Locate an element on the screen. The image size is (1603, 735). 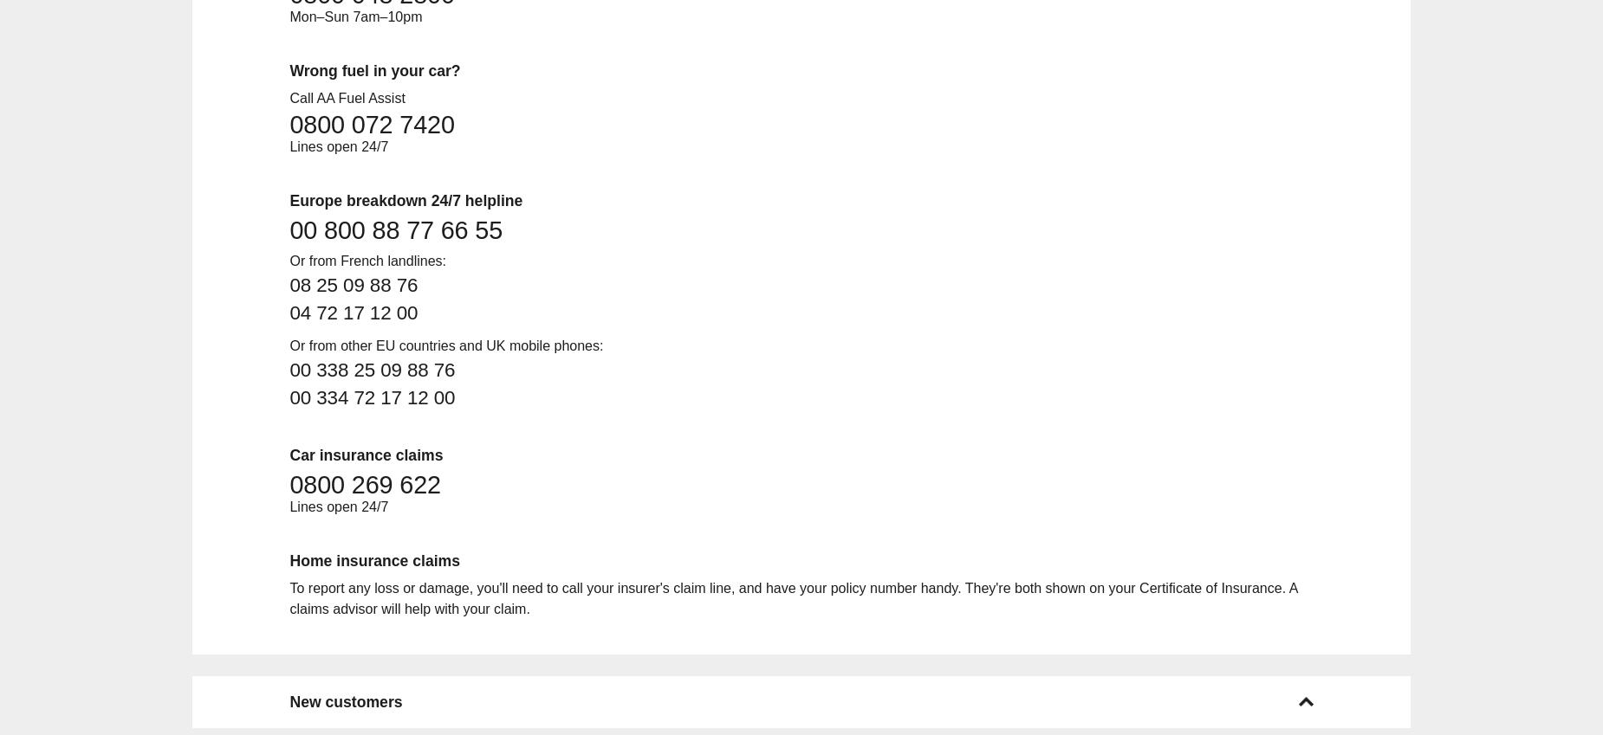
'08 25 09 88 76' is located at coordinates (352, 283).